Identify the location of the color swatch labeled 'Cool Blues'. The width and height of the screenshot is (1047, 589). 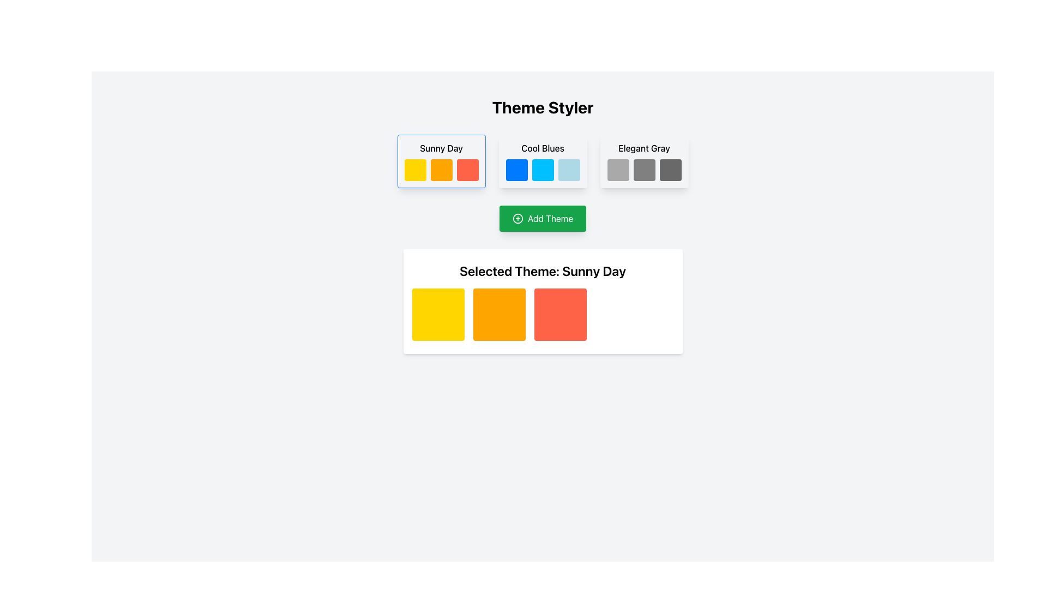
(543, 170).